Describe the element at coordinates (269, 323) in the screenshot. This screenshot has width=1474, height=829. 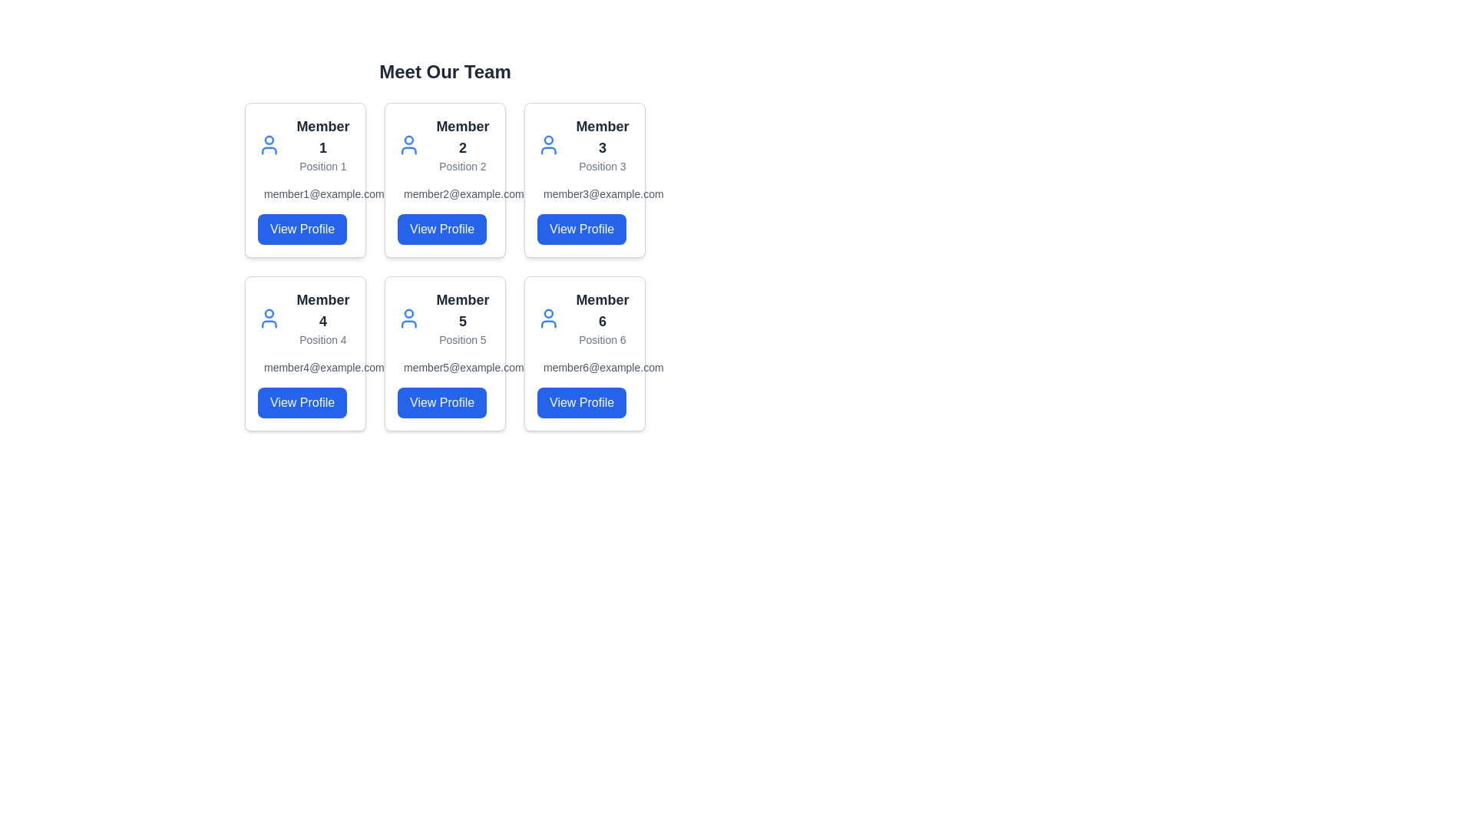
I see `the bottom arc of the profile icon representing 'Member 4', which is styled with a thin line and rounded appearance` at that location.